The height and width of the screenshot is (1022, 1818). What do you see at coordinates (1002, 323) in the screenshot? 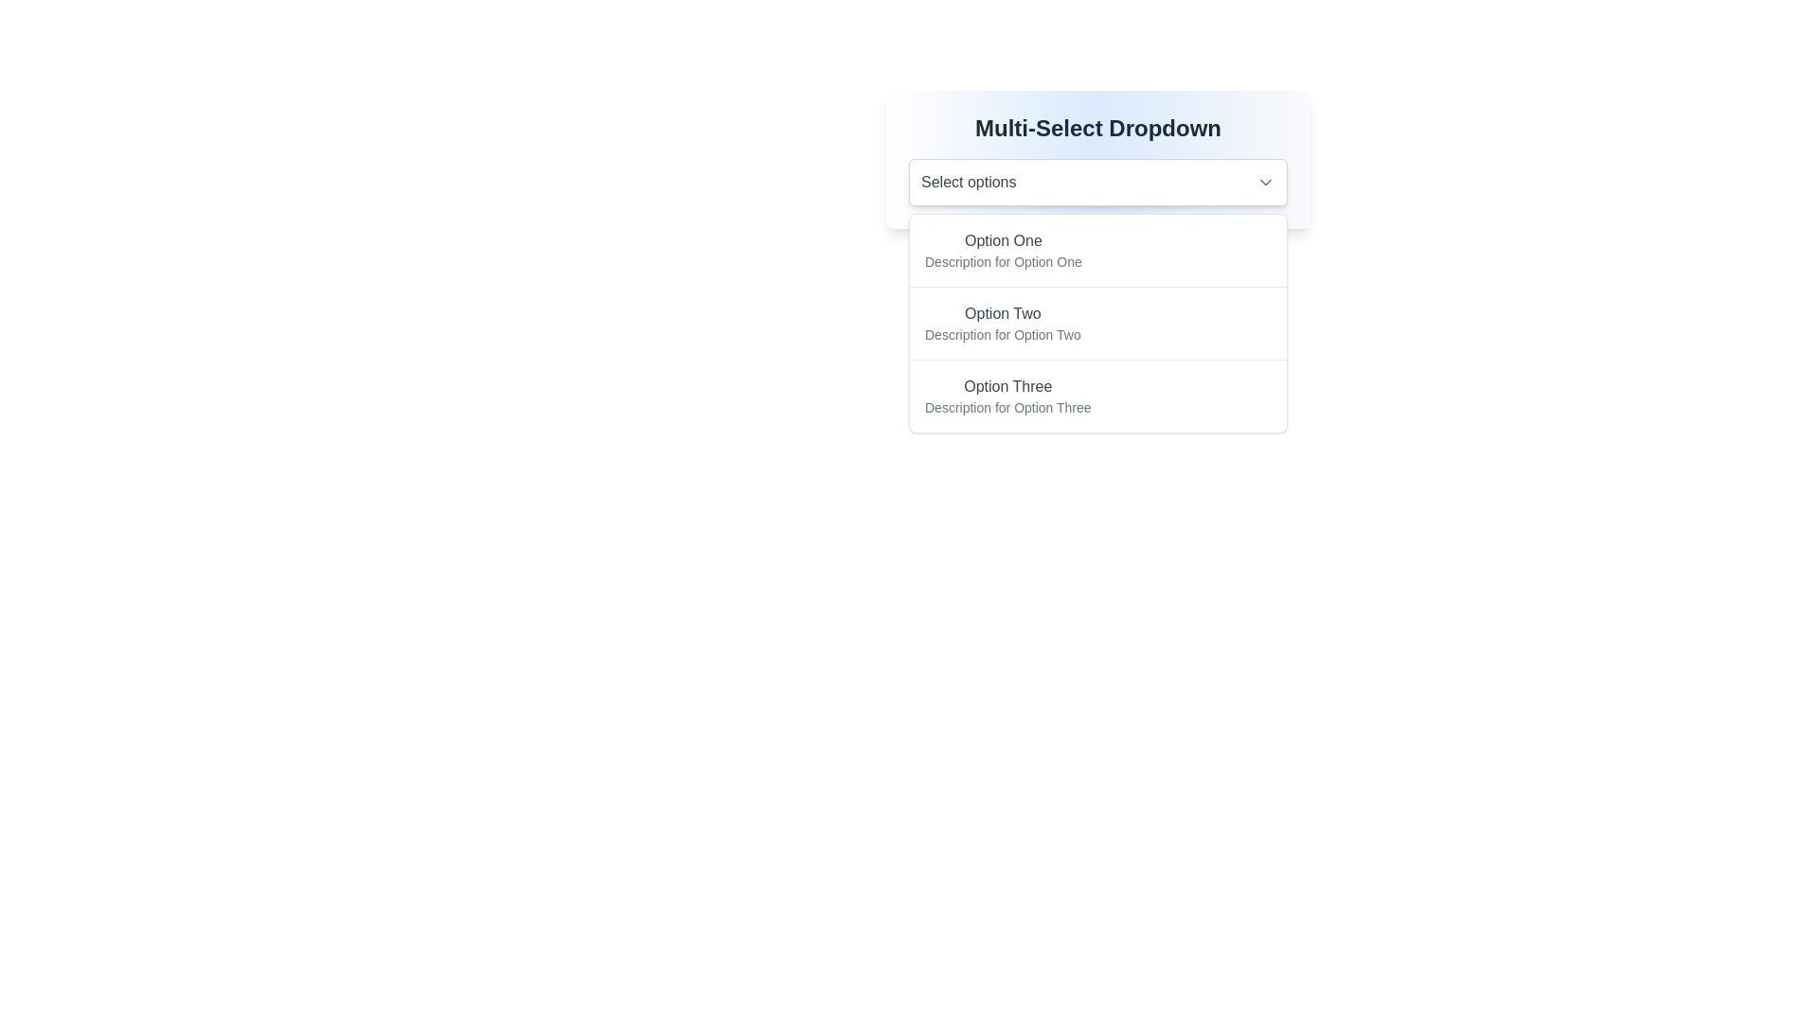
I see `the second dropdown option item labeled 'Option Two' with its description` at bounding box center [1002, 323].